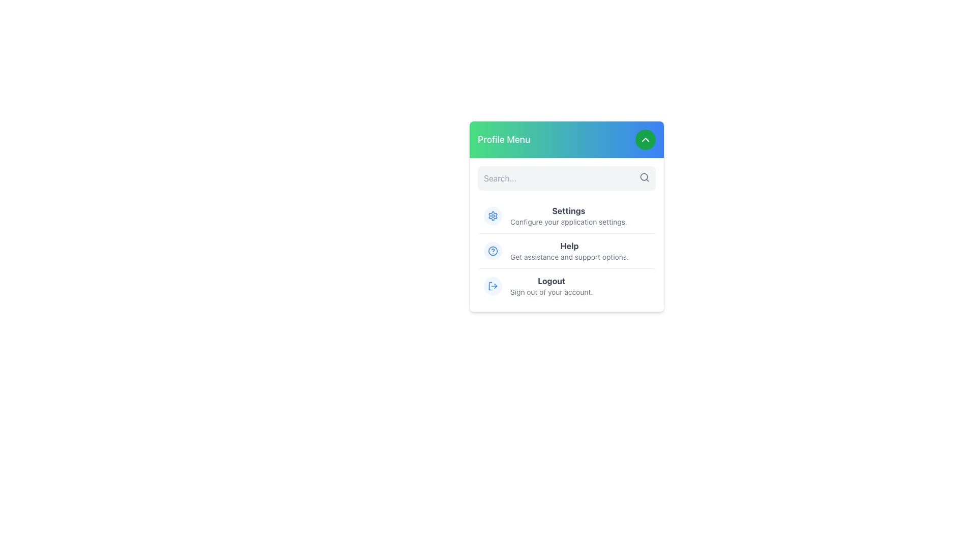  I want to click on the support options text label located in the Profile Menu, positioned between the Settings and Logout options, so click(569, 251).